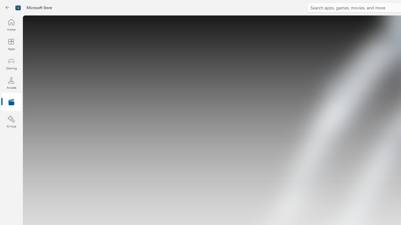 The height and width of the screenshot is (225, 401). Describe the element at coordinates (8, 7) in the screenshot. I see `'Back'` at that location.